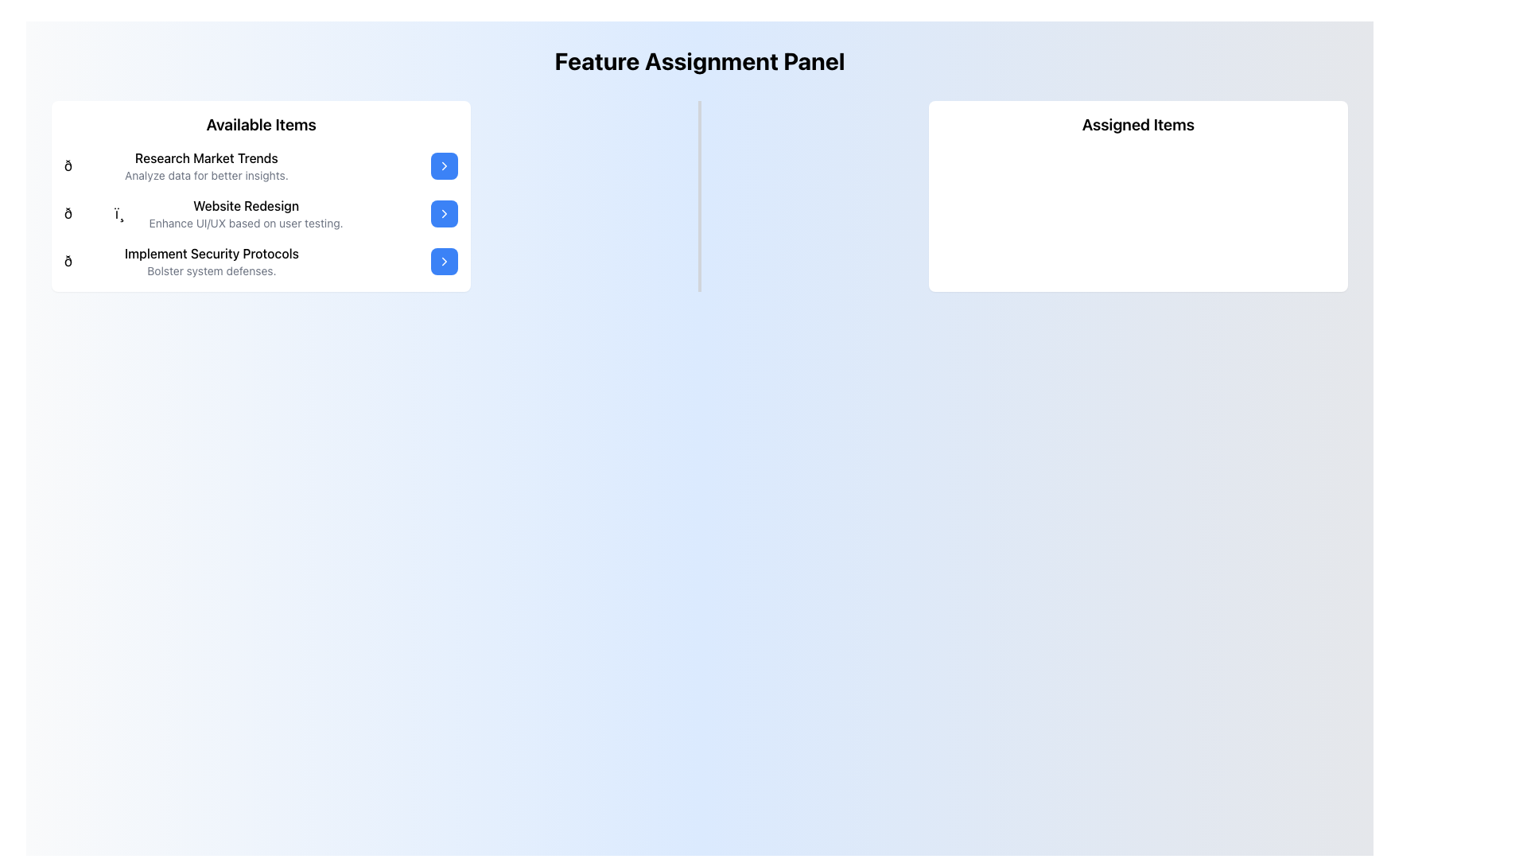 Image resolution: width=1527 pixels, height=859 pixels. What do you see at coordinates (445, 213) in the screenshot?
I see `the blue rectangular button with a white right arrow icon located in the 'Available Items' section, specifically in the row for 'Website Redesign'` at bounding box center [445, 213].